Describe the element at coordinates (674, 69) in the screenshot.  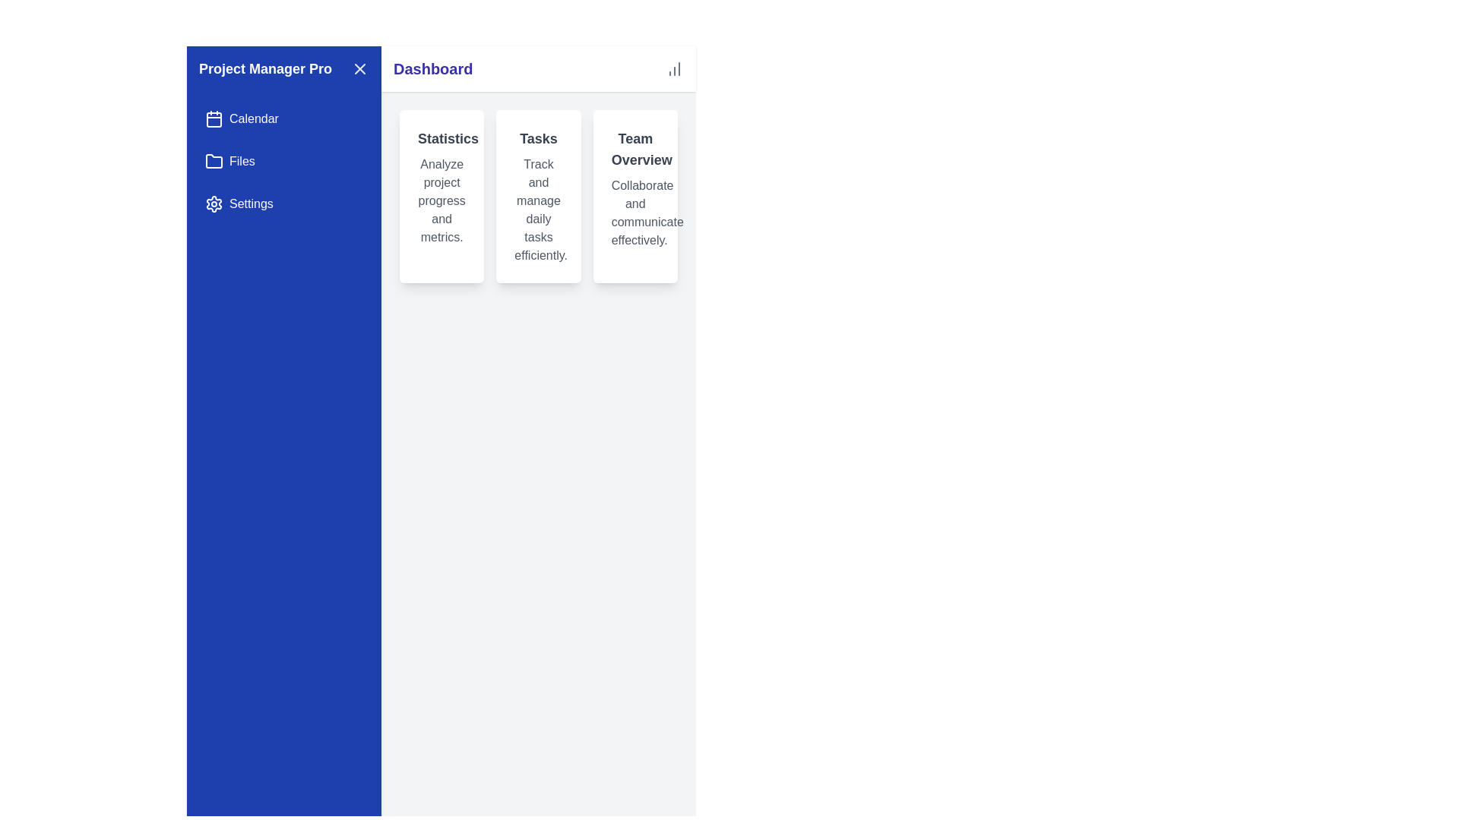
I see `the data visualization icon located at the top-right corner of the 'Dashboard' header section` at that location.